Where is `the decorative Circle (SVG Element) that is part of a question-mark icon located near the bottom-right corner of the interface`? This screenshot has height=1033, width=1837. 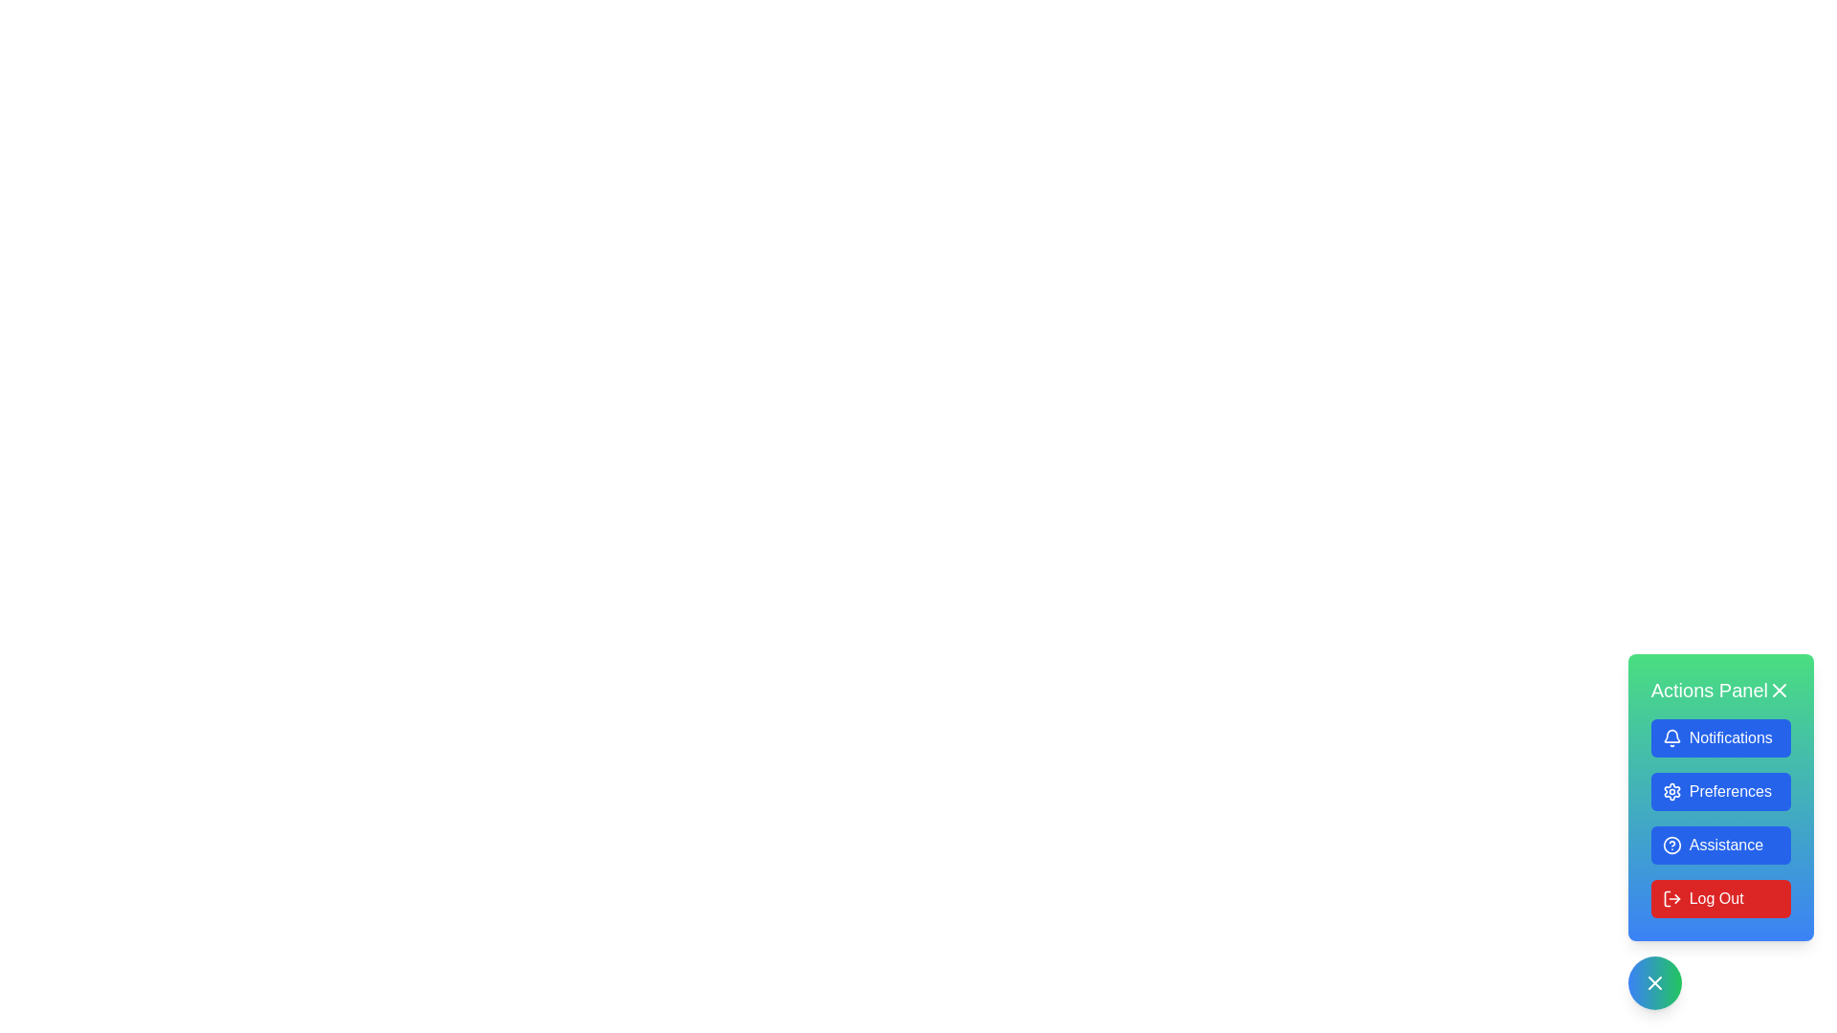 the decorative Circle (SVG Element) that is part of a question-mark icon located near the bottom-right corner of the interface is located at coordinates (1671, 844).